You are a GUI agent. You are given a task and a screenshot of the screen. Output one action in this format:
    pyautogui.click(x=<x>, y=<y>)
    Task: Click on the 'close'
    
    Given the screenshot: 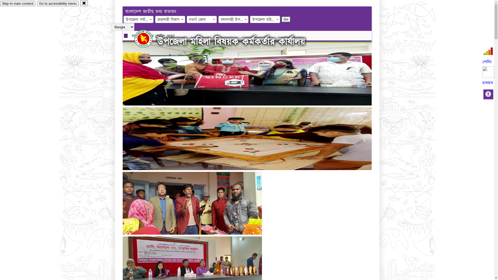 What is the action you would take?
    pyautogui.click(x=80, y=3)
    